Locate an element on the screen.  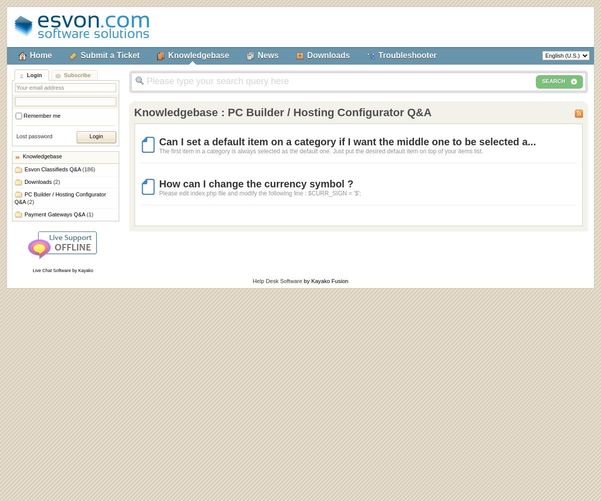
'Help Desk Software' is located at coordinates (276, 281).